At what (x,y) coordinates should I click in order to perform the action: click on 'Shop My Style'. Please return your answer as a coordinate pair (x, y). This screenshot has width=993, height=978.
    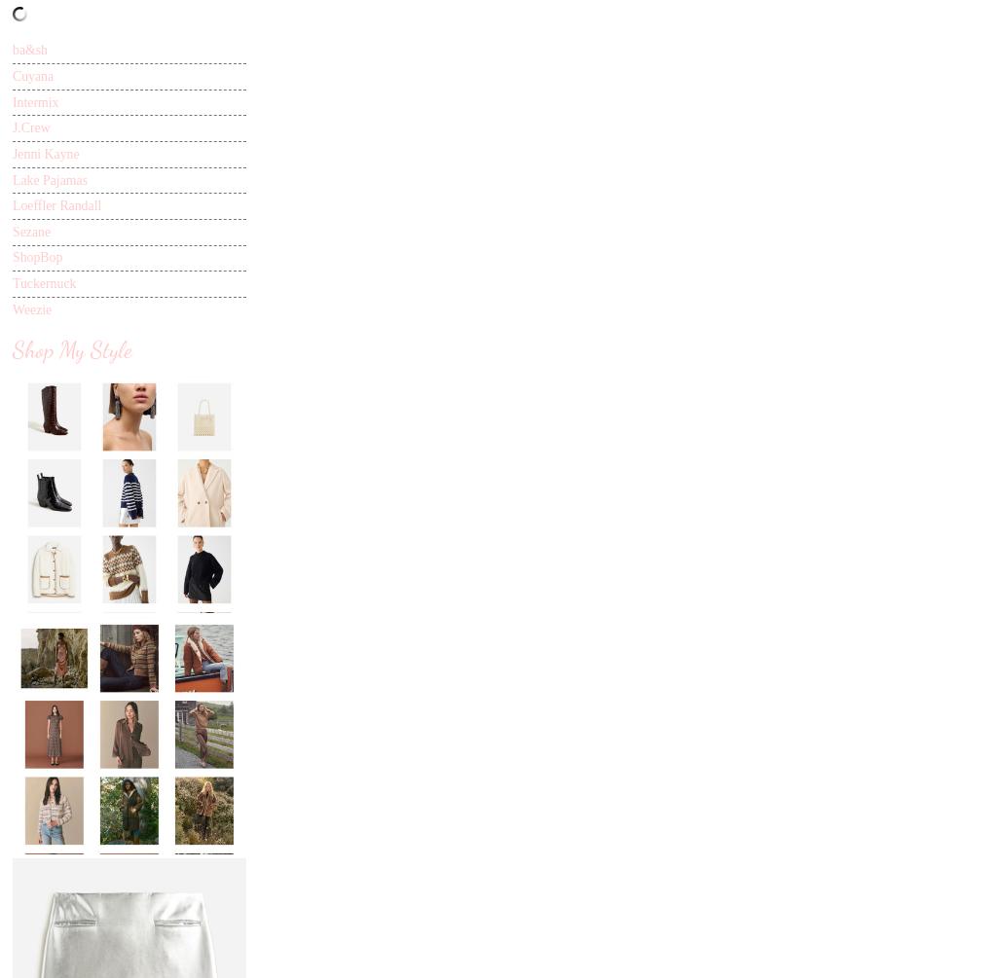
    Looking at the image, I should click on (72, 349).